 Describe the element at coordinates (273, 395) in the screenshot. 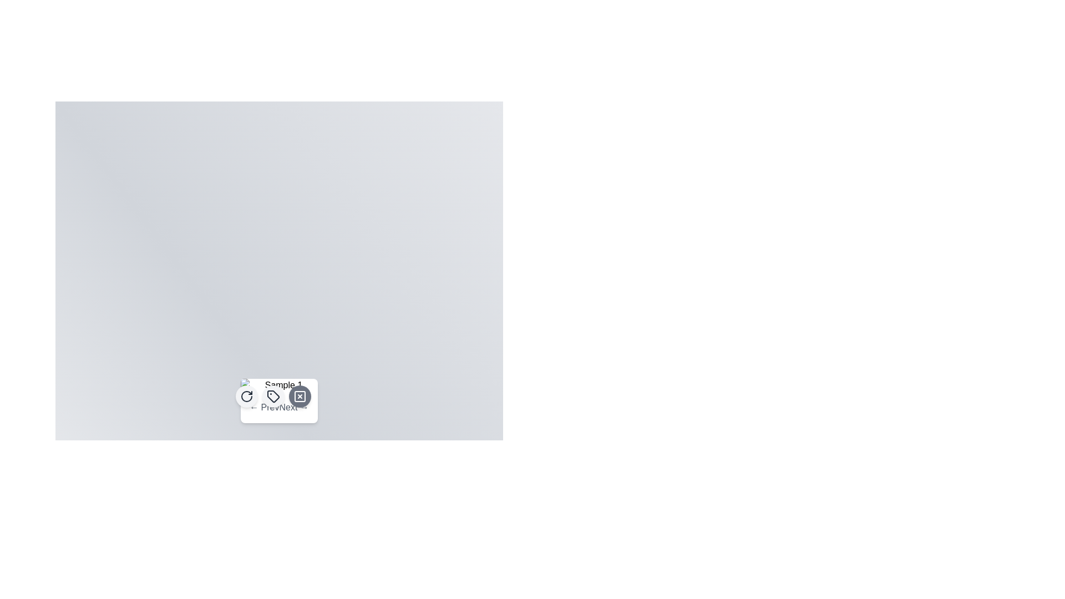

I see `the tag-like icon located in the bottom center of the interface, which is part of a small icon set and serves tagging or categorization functionality` at that location.